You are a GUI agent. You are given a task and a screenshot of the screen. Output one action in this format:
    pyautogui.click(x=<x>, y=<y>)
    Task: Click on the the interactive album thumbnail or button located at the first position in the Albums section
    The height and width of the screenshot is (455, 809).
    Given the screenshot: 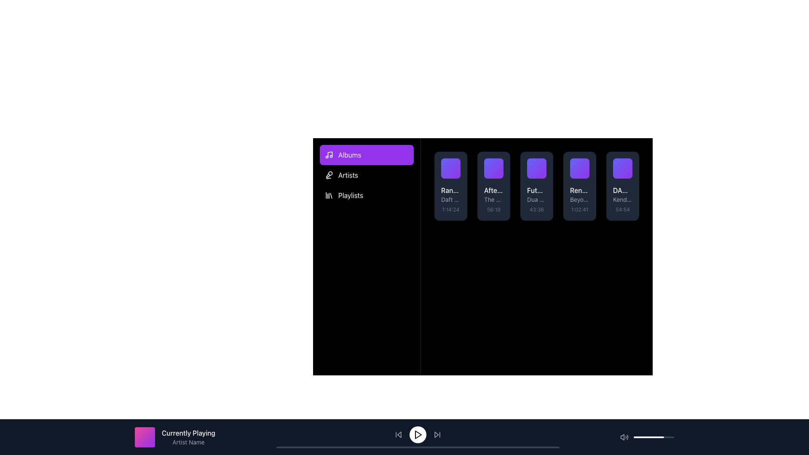 What is the action you would take?
    pyautogui.click(x=450, y=169)
    